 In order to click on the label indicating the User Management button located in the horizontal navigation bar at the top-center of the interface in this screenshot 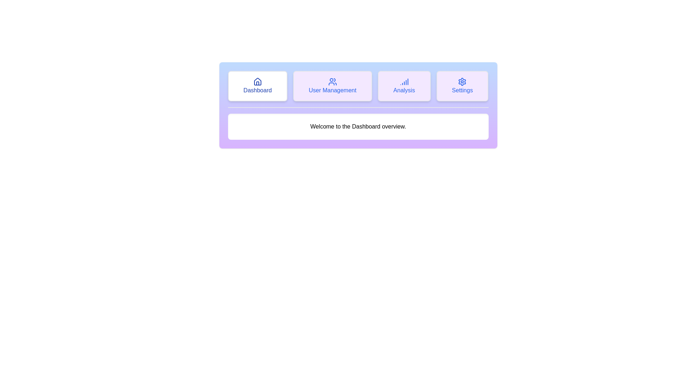, I will do `click(332, 90)`.